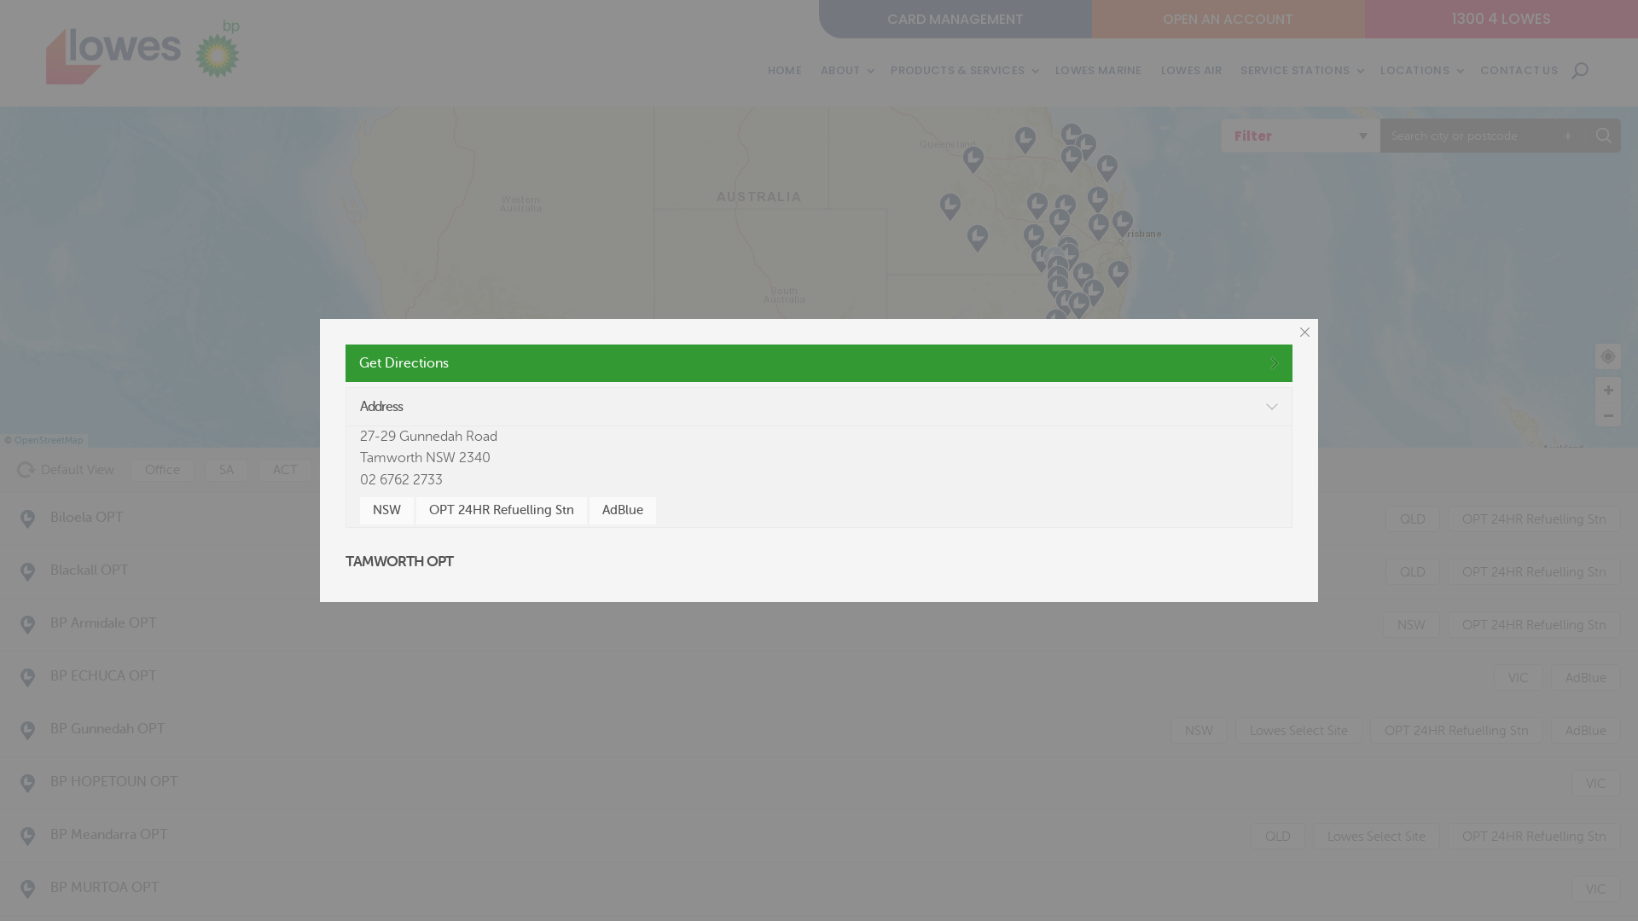 The width and height of the screenshot is (1638, 921). Describe the element at coordinates (1098, 70) in the screenshot. I see `'LOWES MARINE'` at that location.